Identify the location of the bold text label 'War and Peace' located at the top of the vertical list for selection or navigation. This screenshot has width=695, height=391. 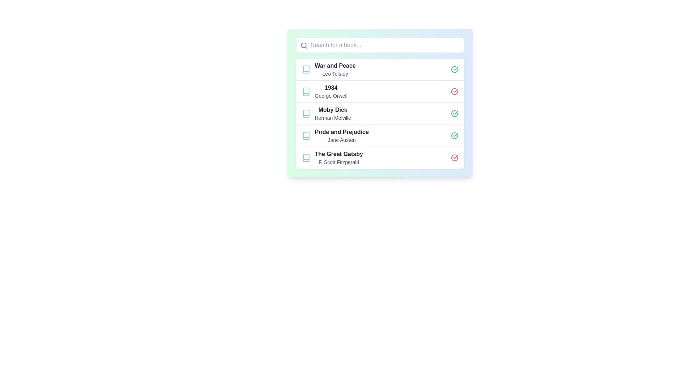
(335, 66).